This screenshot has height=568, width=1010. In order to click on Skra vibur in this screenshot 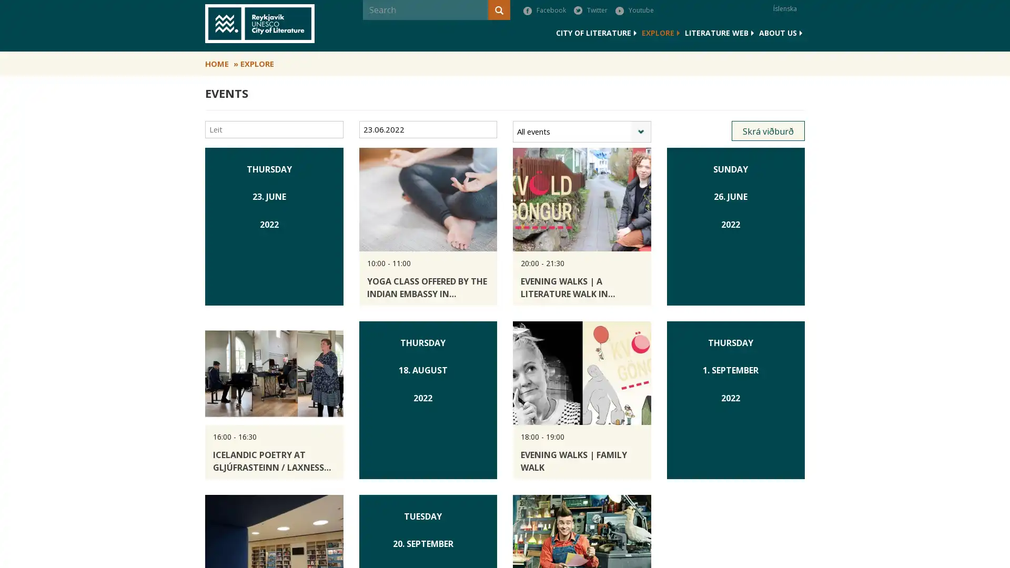, I will do `click(768, 131)`.